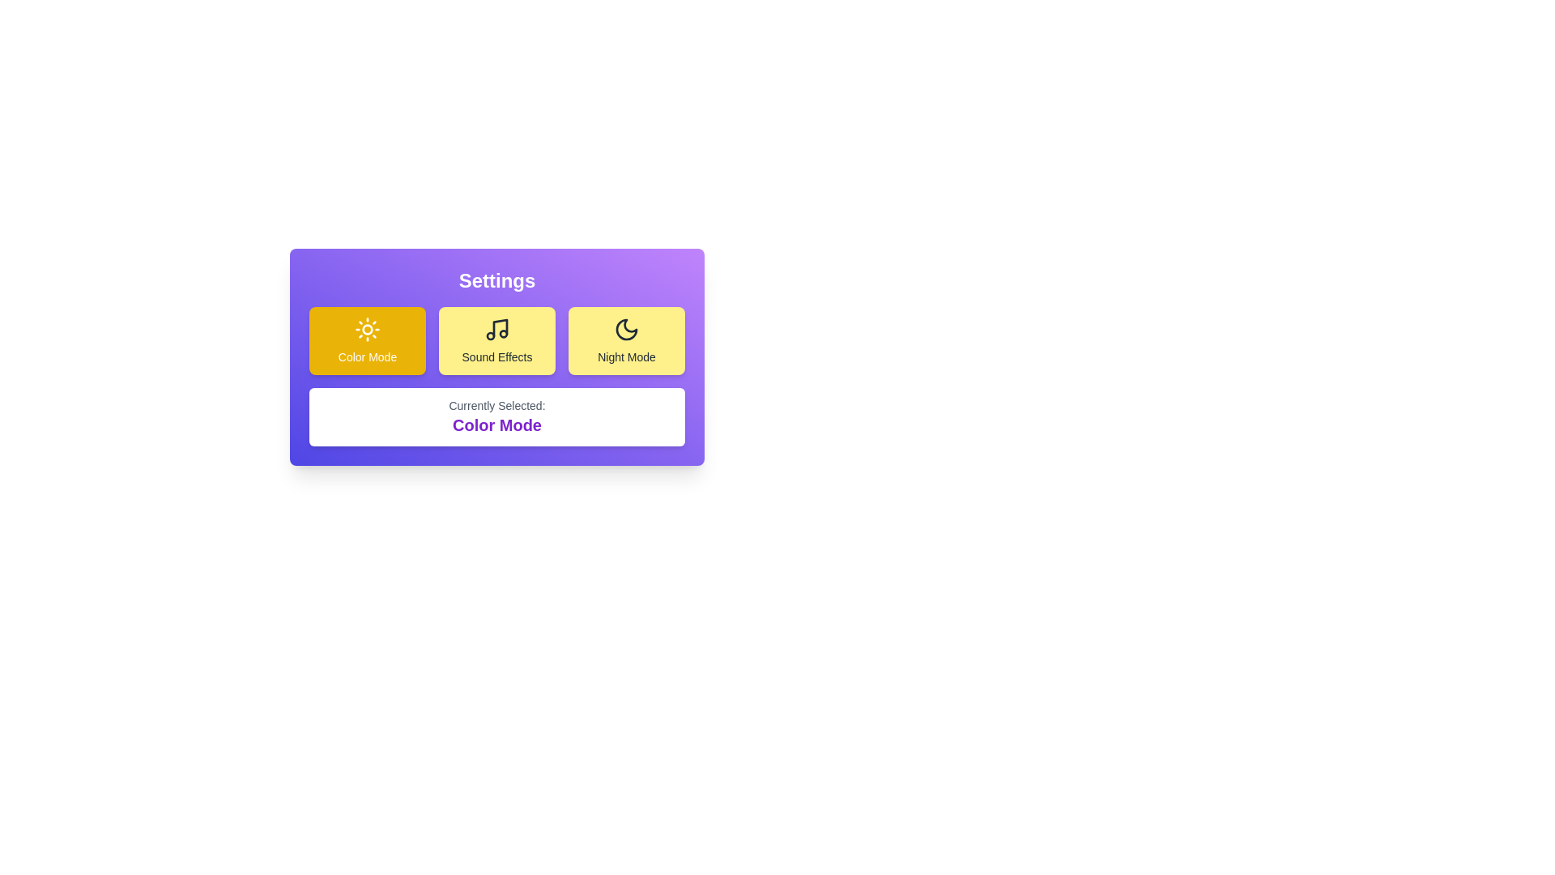 The height and width of the screenshot is (875, 1555). I want to click on the button corresponding to the preference option 'Sound Effects', so click(496, 339).